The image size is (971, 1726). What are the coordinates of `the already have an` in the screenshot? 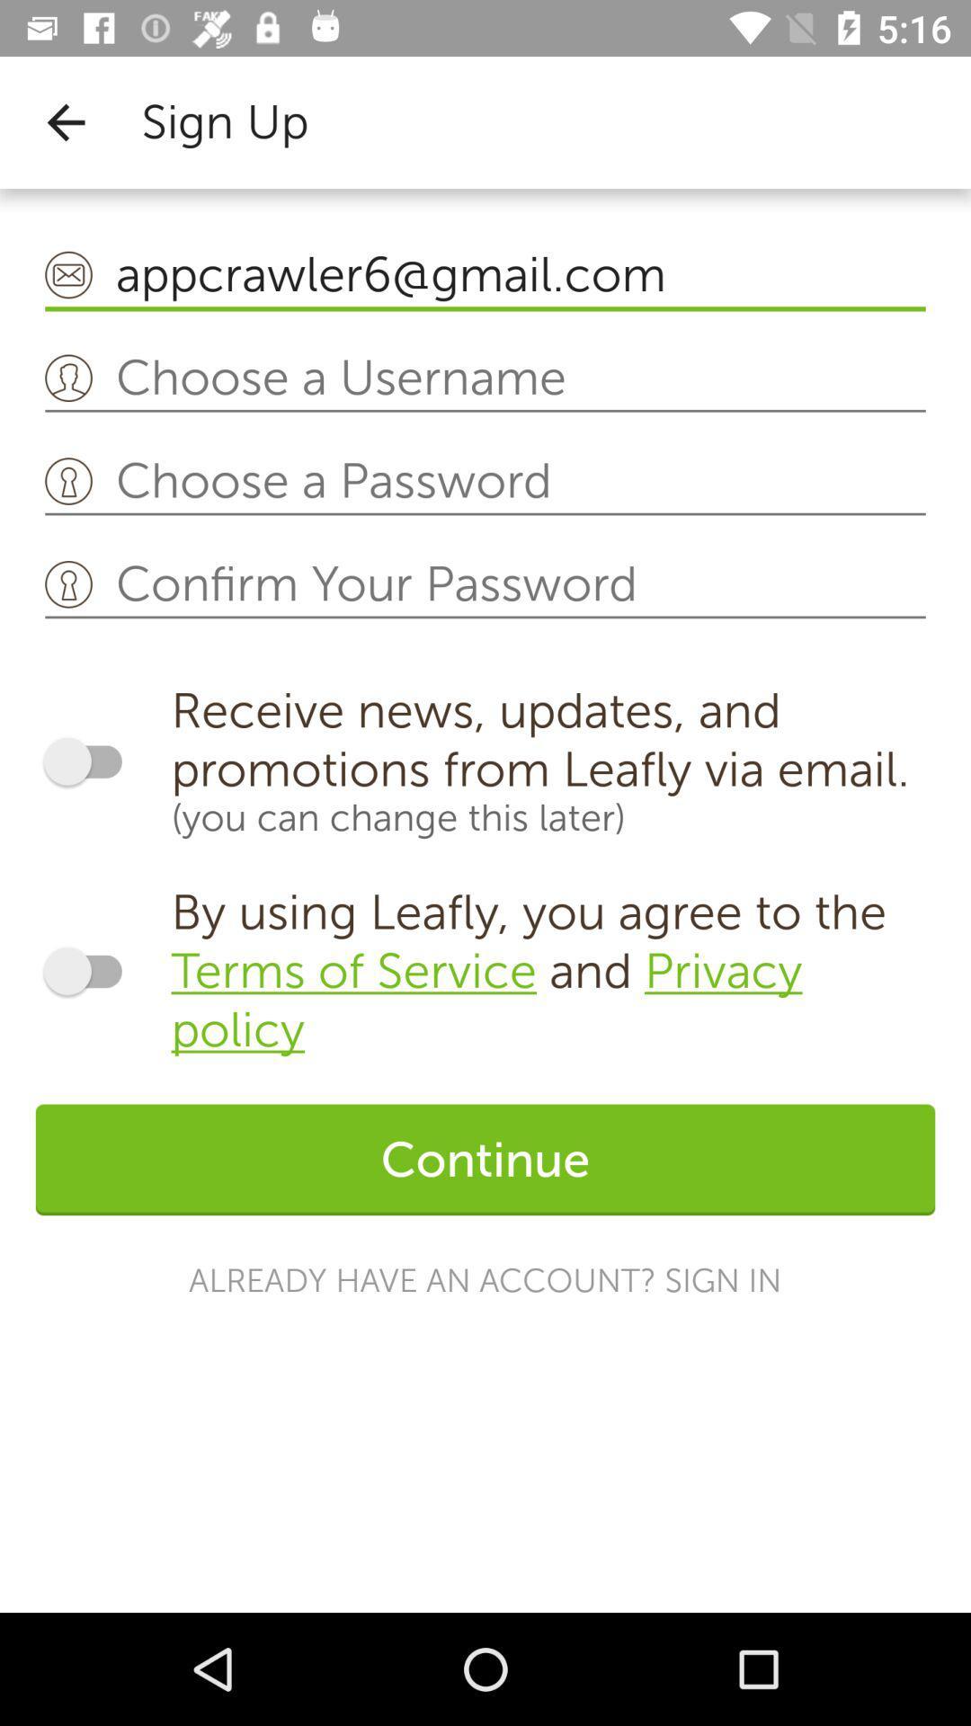 It's located at (484, 1280).